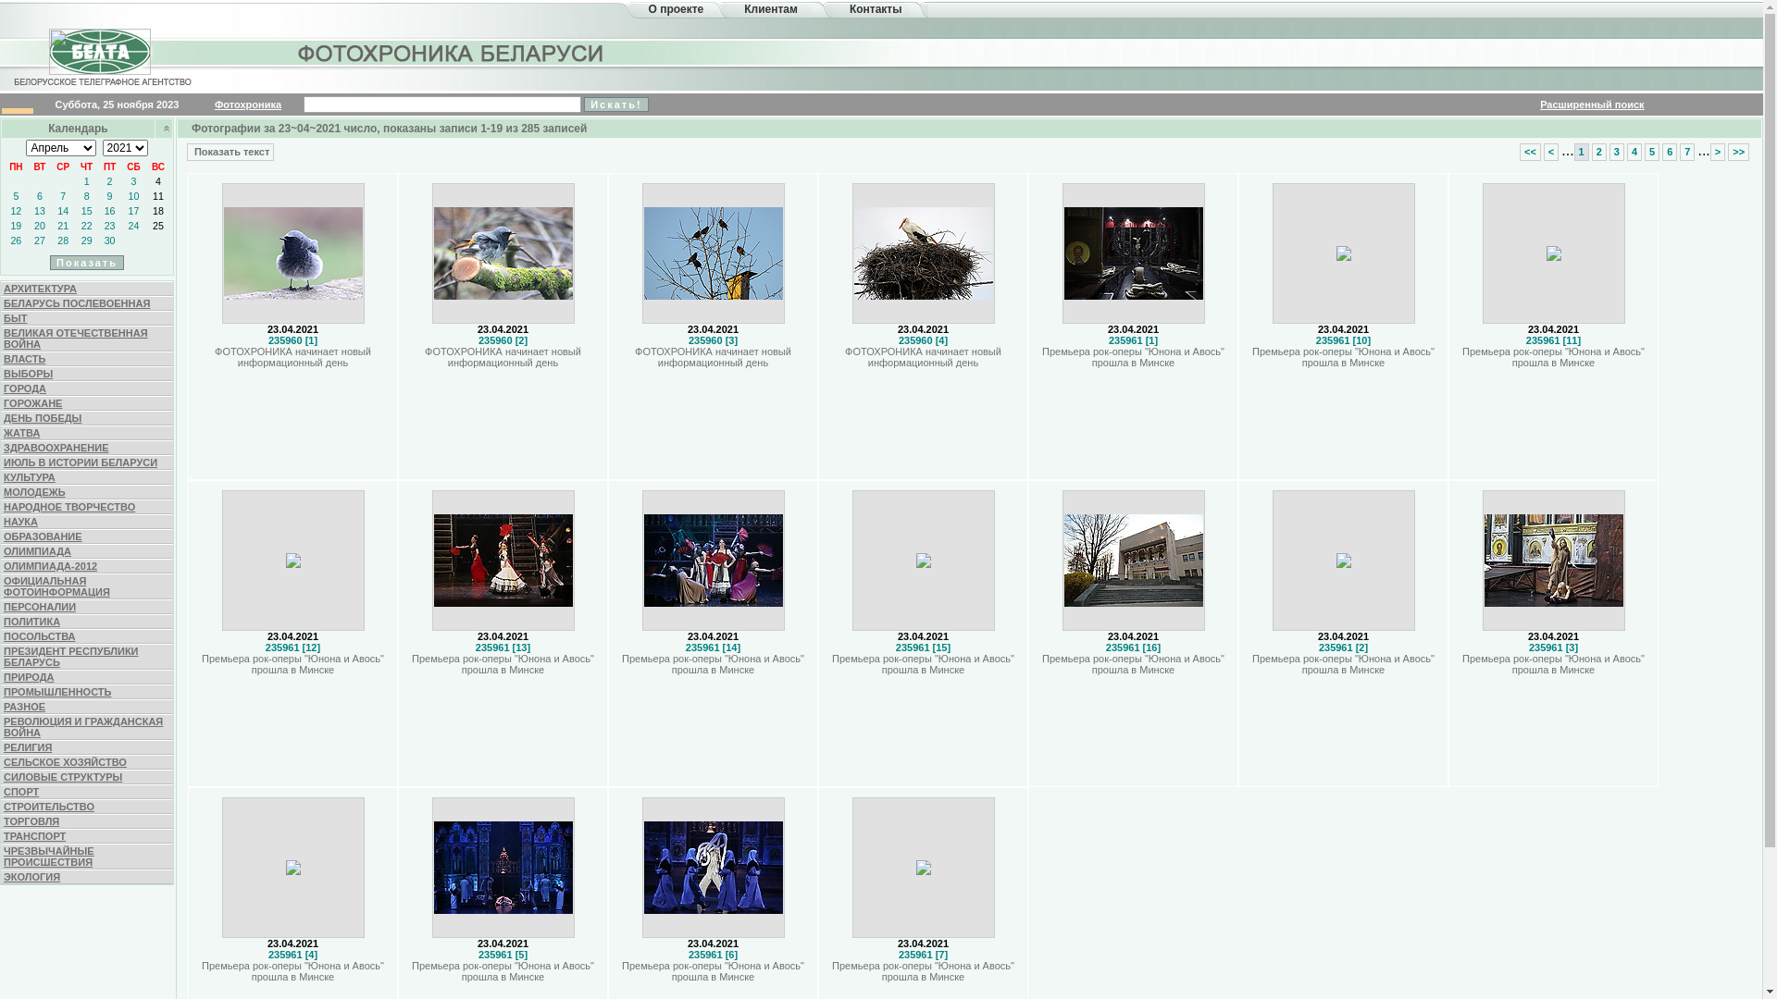 The image size is (1777, 999). What do you see at coordinates (158, 196) in the screenshot?
I see `'11'` at bounding box center [158, 196].